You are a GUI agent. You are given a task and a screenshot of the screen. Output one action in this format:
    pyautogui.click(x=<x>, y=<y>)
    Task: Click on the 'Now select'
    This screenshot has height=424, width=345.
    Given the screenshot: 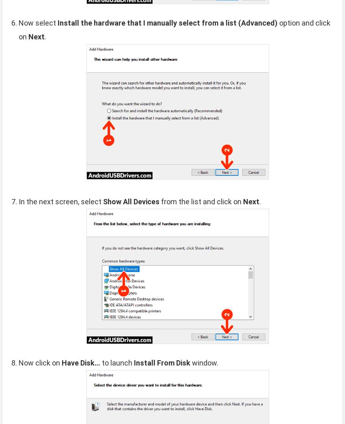 What is the action you would take?
    pyautogui.click(x=38, y=22)
    